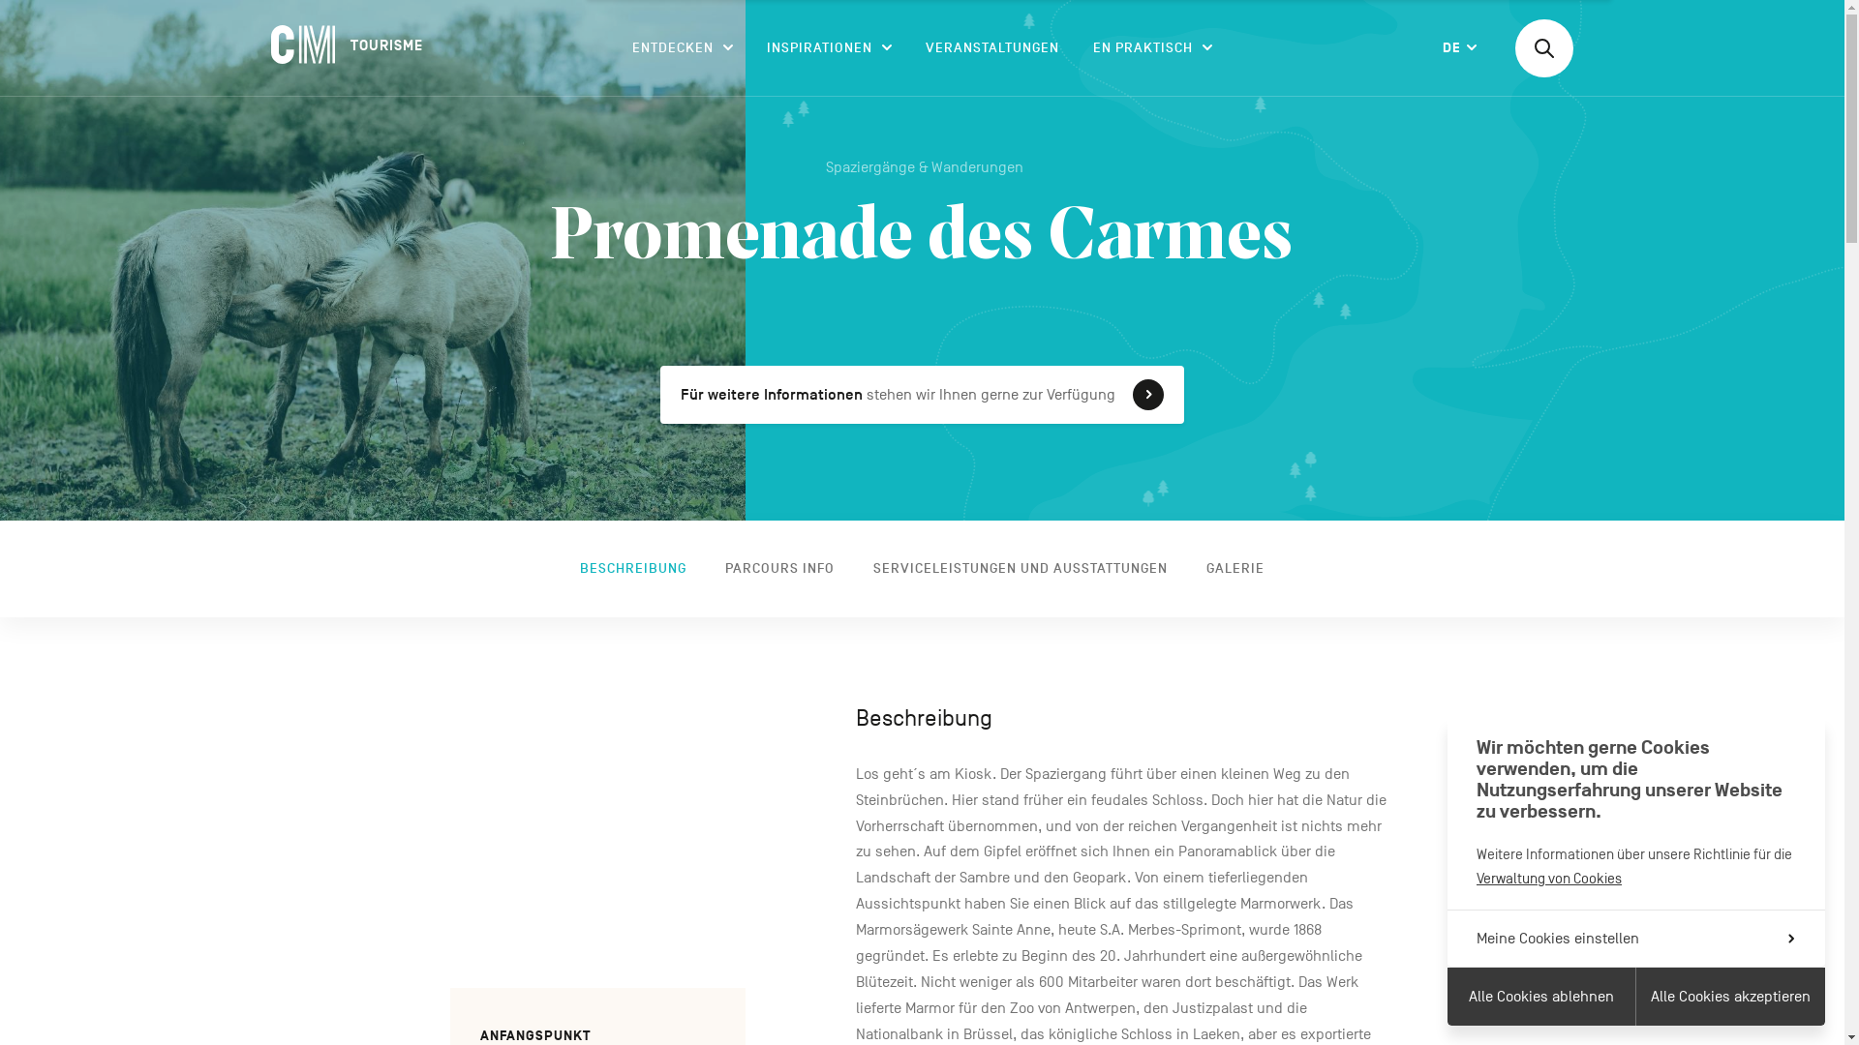 The image size is (1859, 1045). What do you see at coordinates (683, 47) in the screenshot?
I see `'ENTDECKEN'` at bounding box center [683, 47].